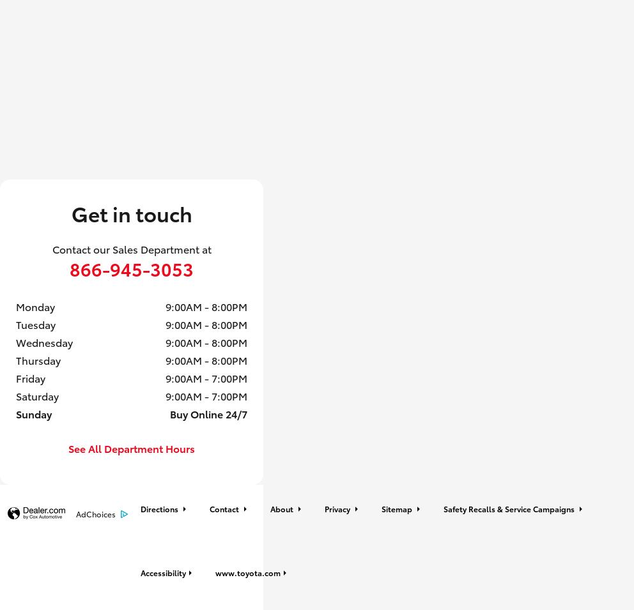 The image size is (634, 610). Describe the element at coordinates (131, 268) in the screenshot. I see `'866-945-3053'` at that location.